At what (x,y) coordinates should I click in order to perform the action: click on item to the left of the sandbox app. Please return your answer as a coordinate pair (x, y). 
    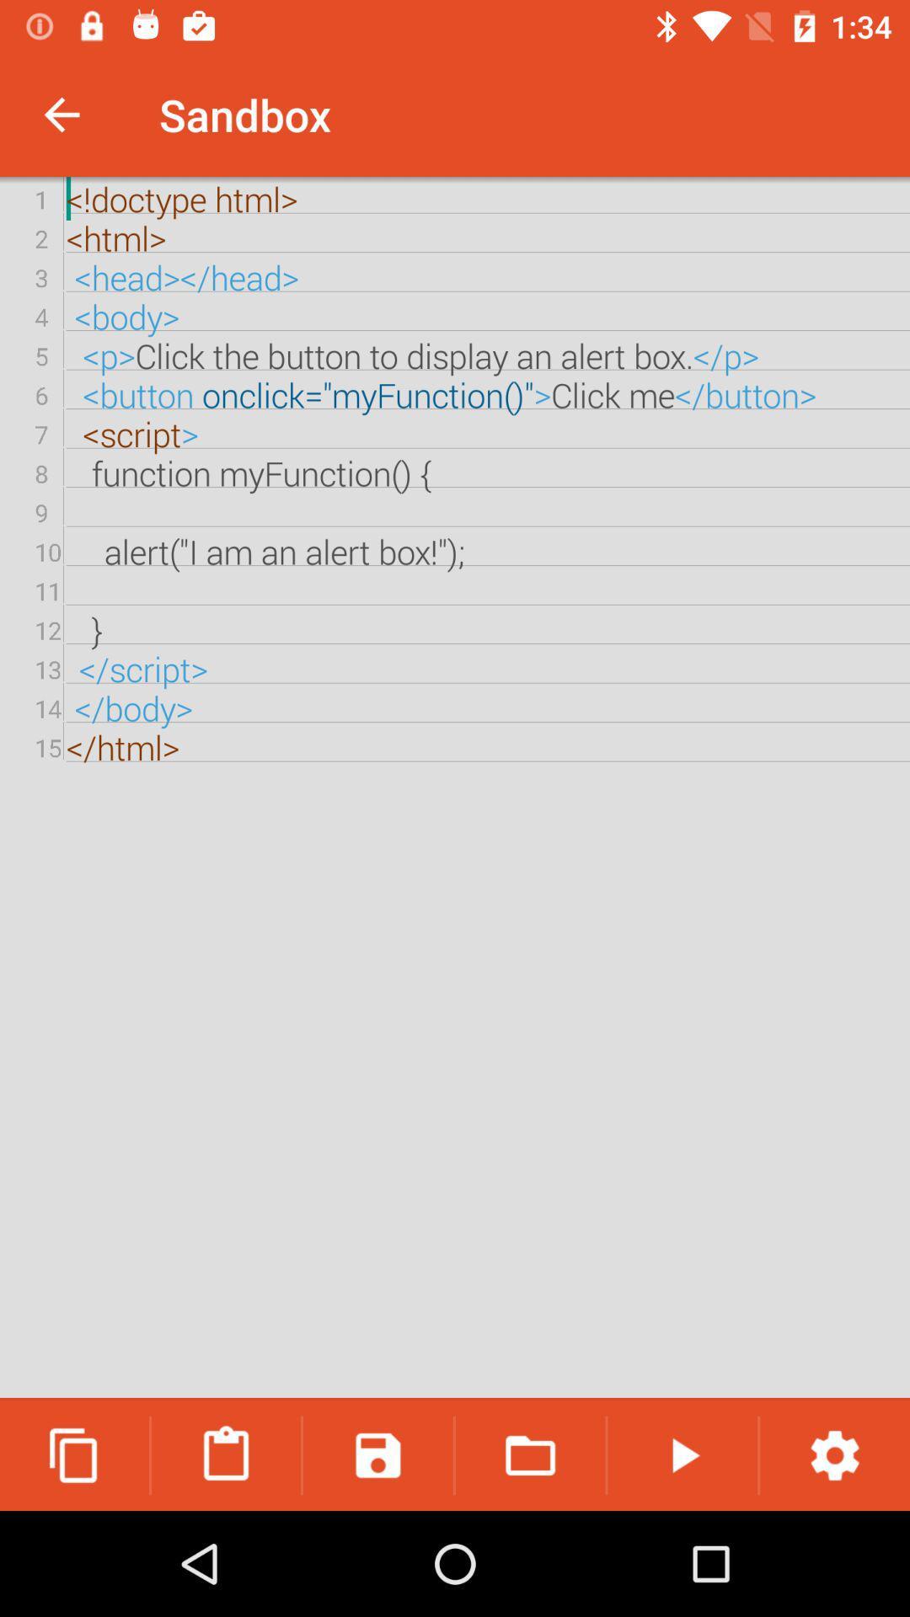
    Looking at the image, I should click on (61, 114).